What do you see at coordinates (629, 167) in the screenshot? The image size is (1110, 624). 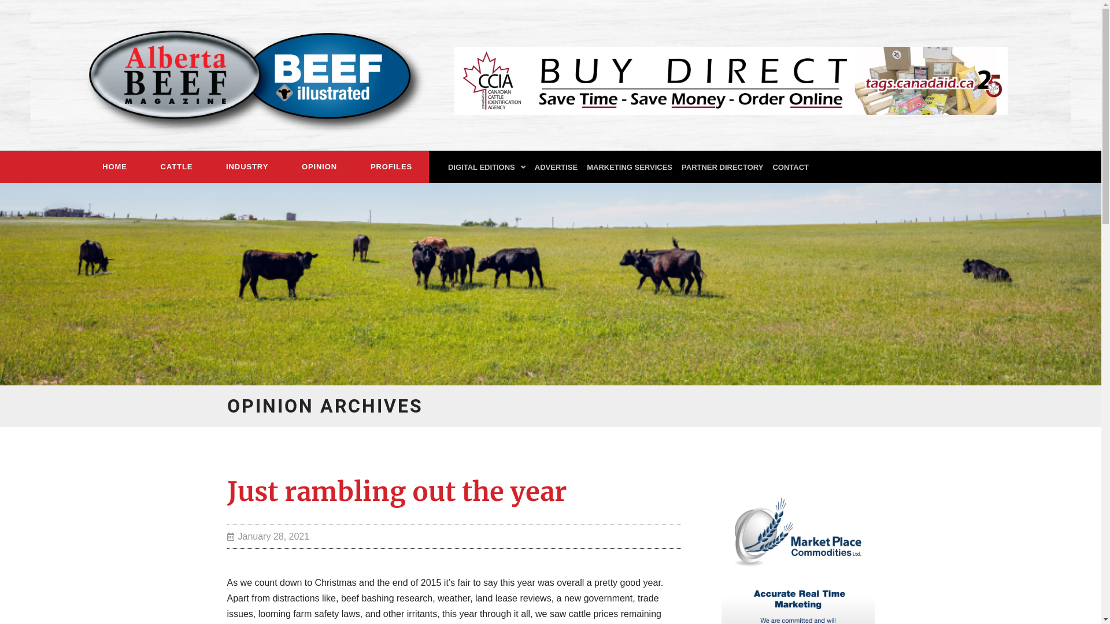 I see `'MARKETING SERVICES'` at bounding box center [629, 167].